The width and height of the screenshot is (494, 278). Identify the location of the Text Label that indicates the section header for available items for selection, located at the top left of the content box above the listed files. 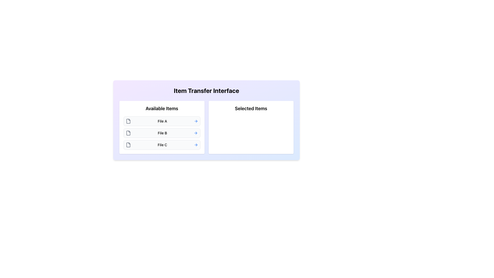
(162, 108).